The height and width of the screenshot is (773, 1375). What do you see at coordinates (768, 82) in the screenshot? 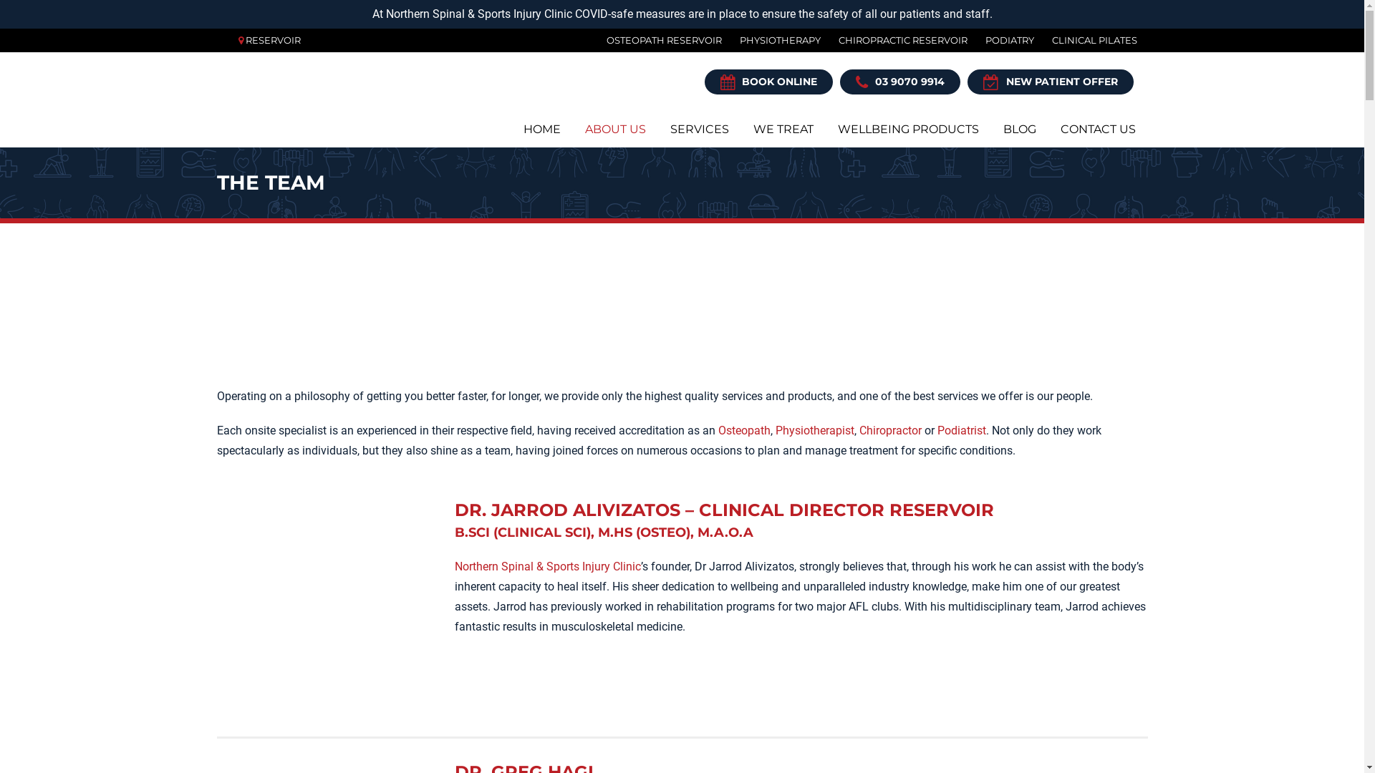
I see `'BOOK ONLINE'` at bounding box center [768, 82].